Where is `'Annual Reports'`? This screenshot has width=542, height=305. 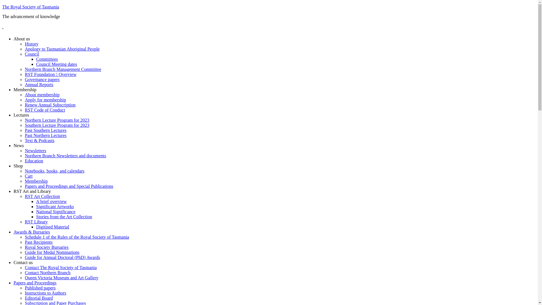 'Annual Reports' is located at coordinates (39, 84).